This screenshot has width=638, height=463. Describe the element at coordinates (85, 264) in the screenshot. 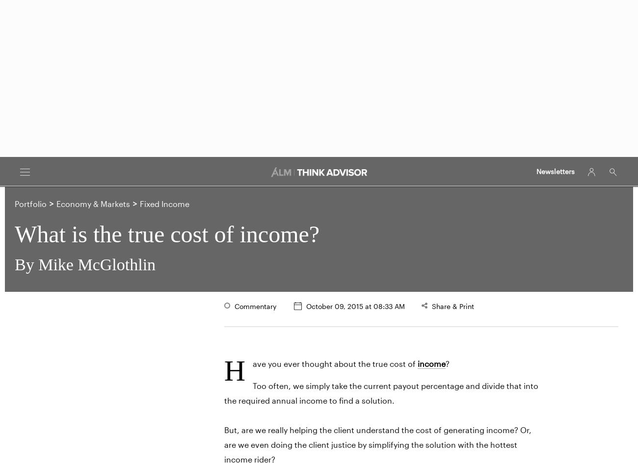

I see `'By
Mike McGlothlin'` at that location.